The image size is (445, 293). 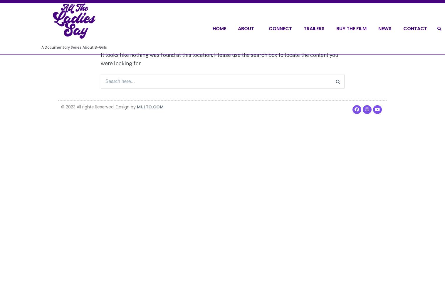 I want to click on 'A Documentary Series About B-Girls', so click(x=73, y=47).